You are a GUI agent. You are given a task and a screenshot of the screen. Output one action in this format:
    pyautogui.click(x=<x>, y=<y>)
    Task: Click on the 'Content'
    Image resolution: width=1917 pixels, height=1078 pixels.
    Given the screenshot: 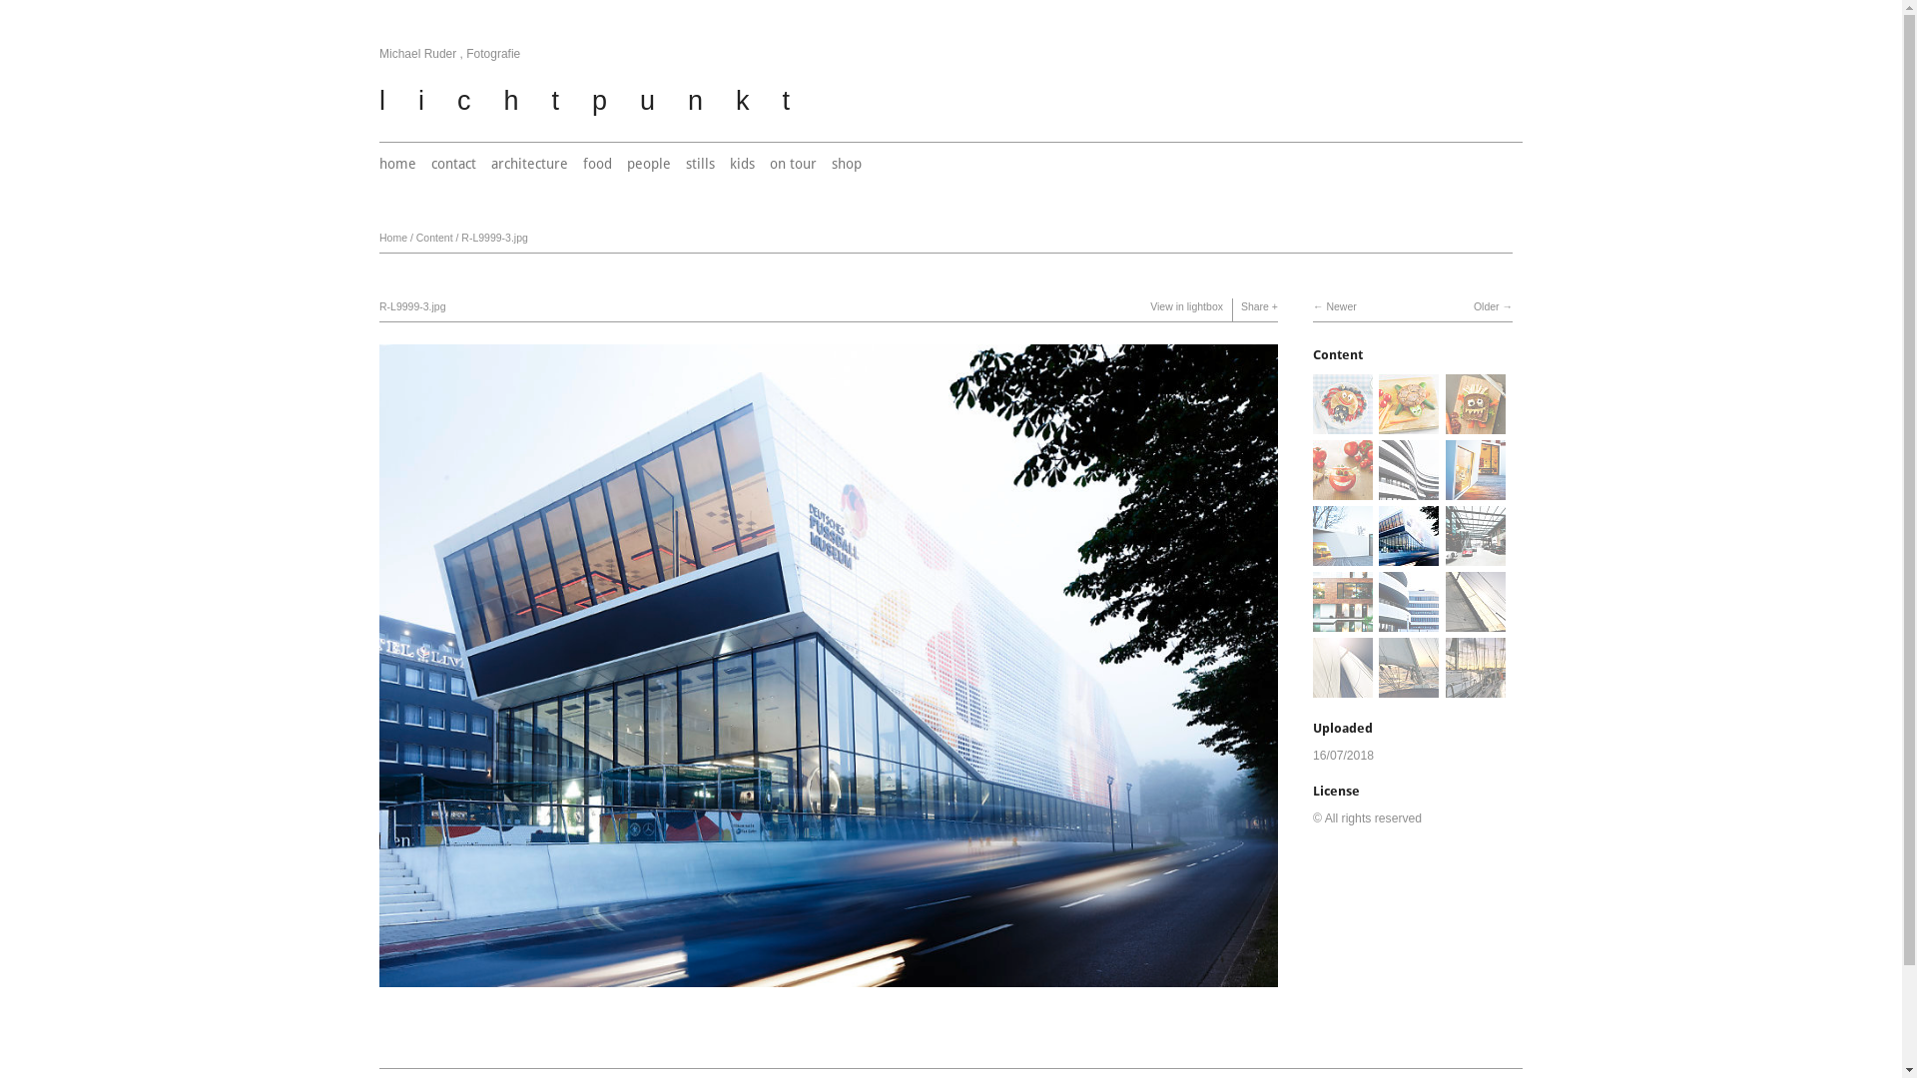 What is the action you would take?
    pyautogui.click(x=433, y=237)
    